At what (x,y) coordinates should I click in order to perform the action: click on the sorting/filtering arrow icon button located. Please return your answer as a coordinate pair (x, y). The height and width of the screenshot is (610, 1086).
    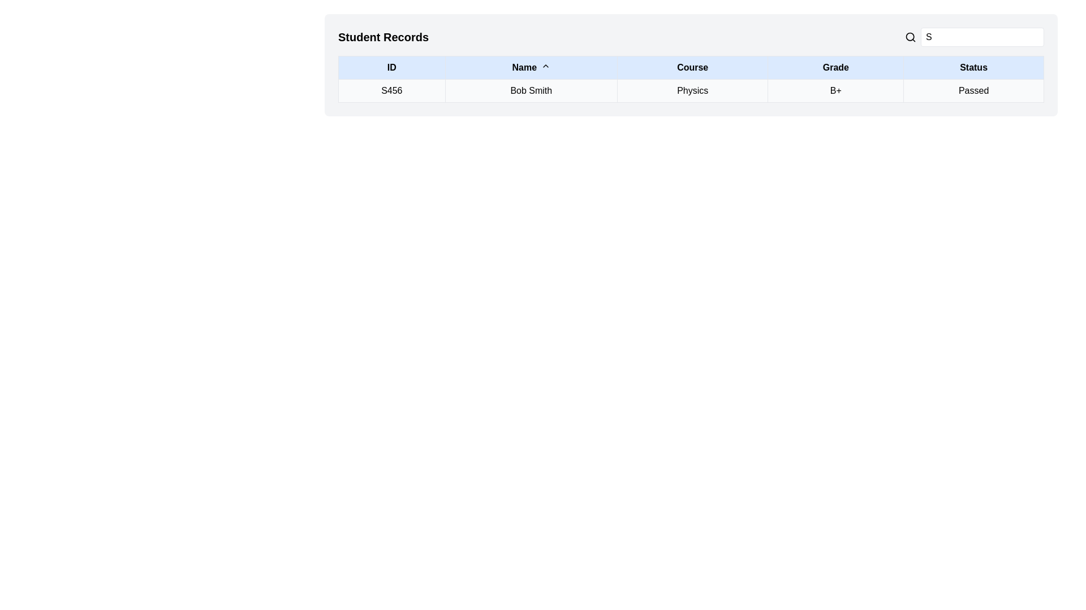
    Looking at the image, I should click on (545, 66).